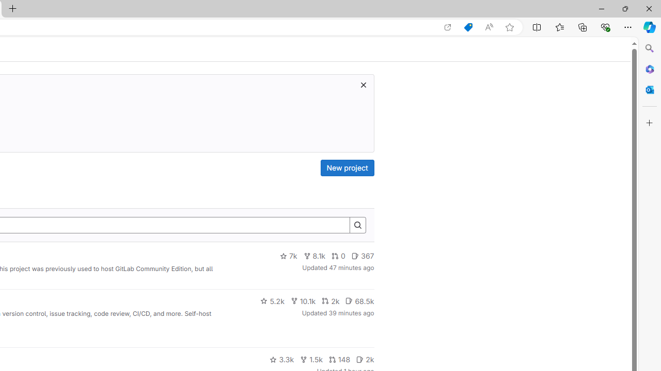 Image resolution: width=661 pixels, height=371 pixels. Describe the element at coordinates (302, 300) in the screenshot. I see `'10.1k'` at that location.